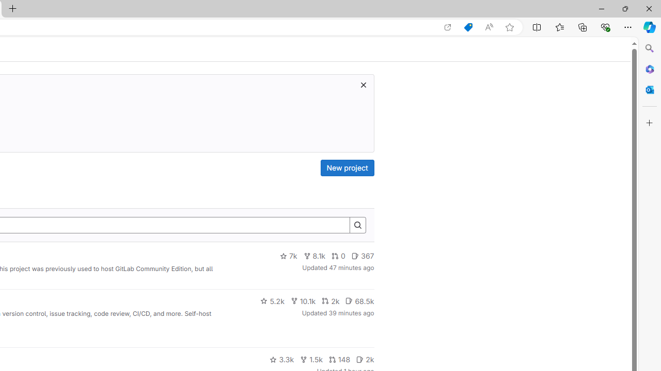 Image resolution: width=661 pixels, height=371 pixels. Describe the element at coordinates (302, 300) in the screenshot. I see `'10.1k'` at that location.